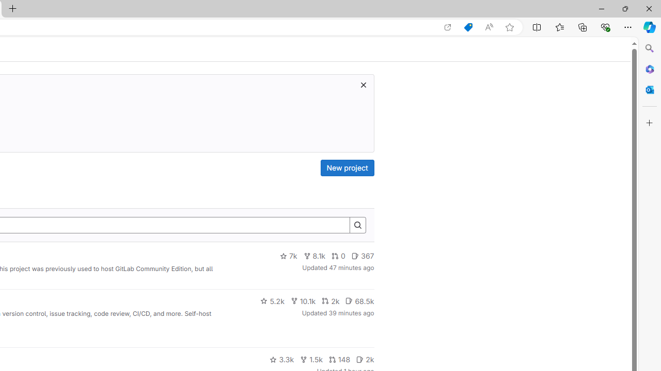 Image resolution: width=661 pixels, height=371 pixels. Describe the element at coordinates (302, 300) in the screenshot. I see `'10.1k'` at that location.